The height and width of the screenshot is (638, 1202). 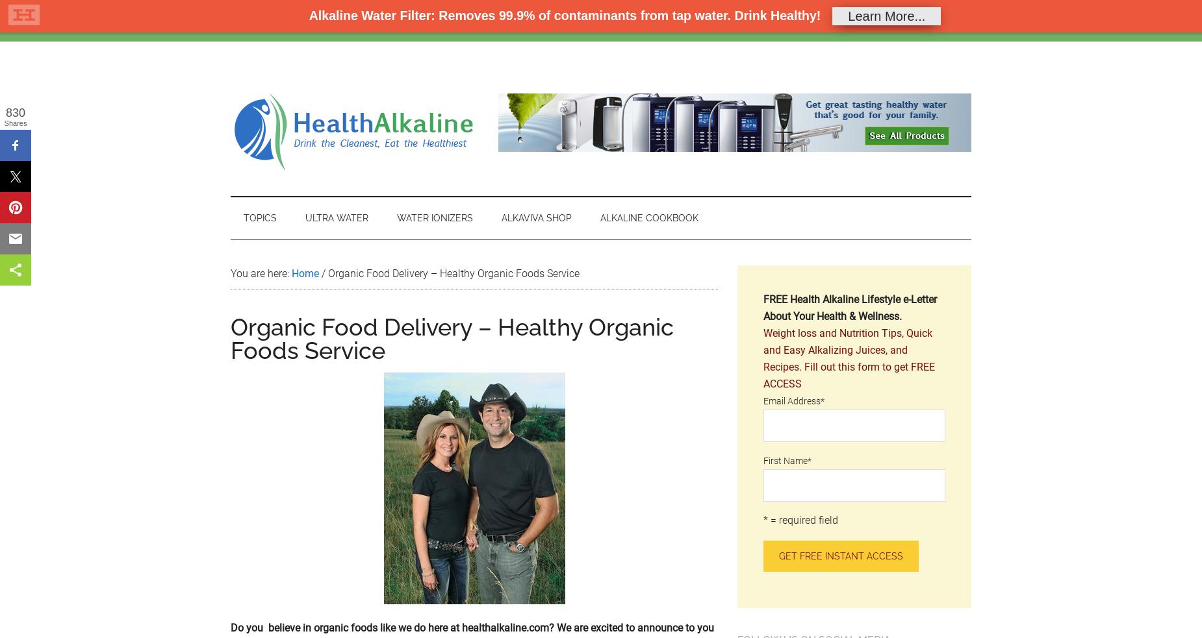 I want to click on 'Alkaline Cookbook', so click(x=648, y=217).